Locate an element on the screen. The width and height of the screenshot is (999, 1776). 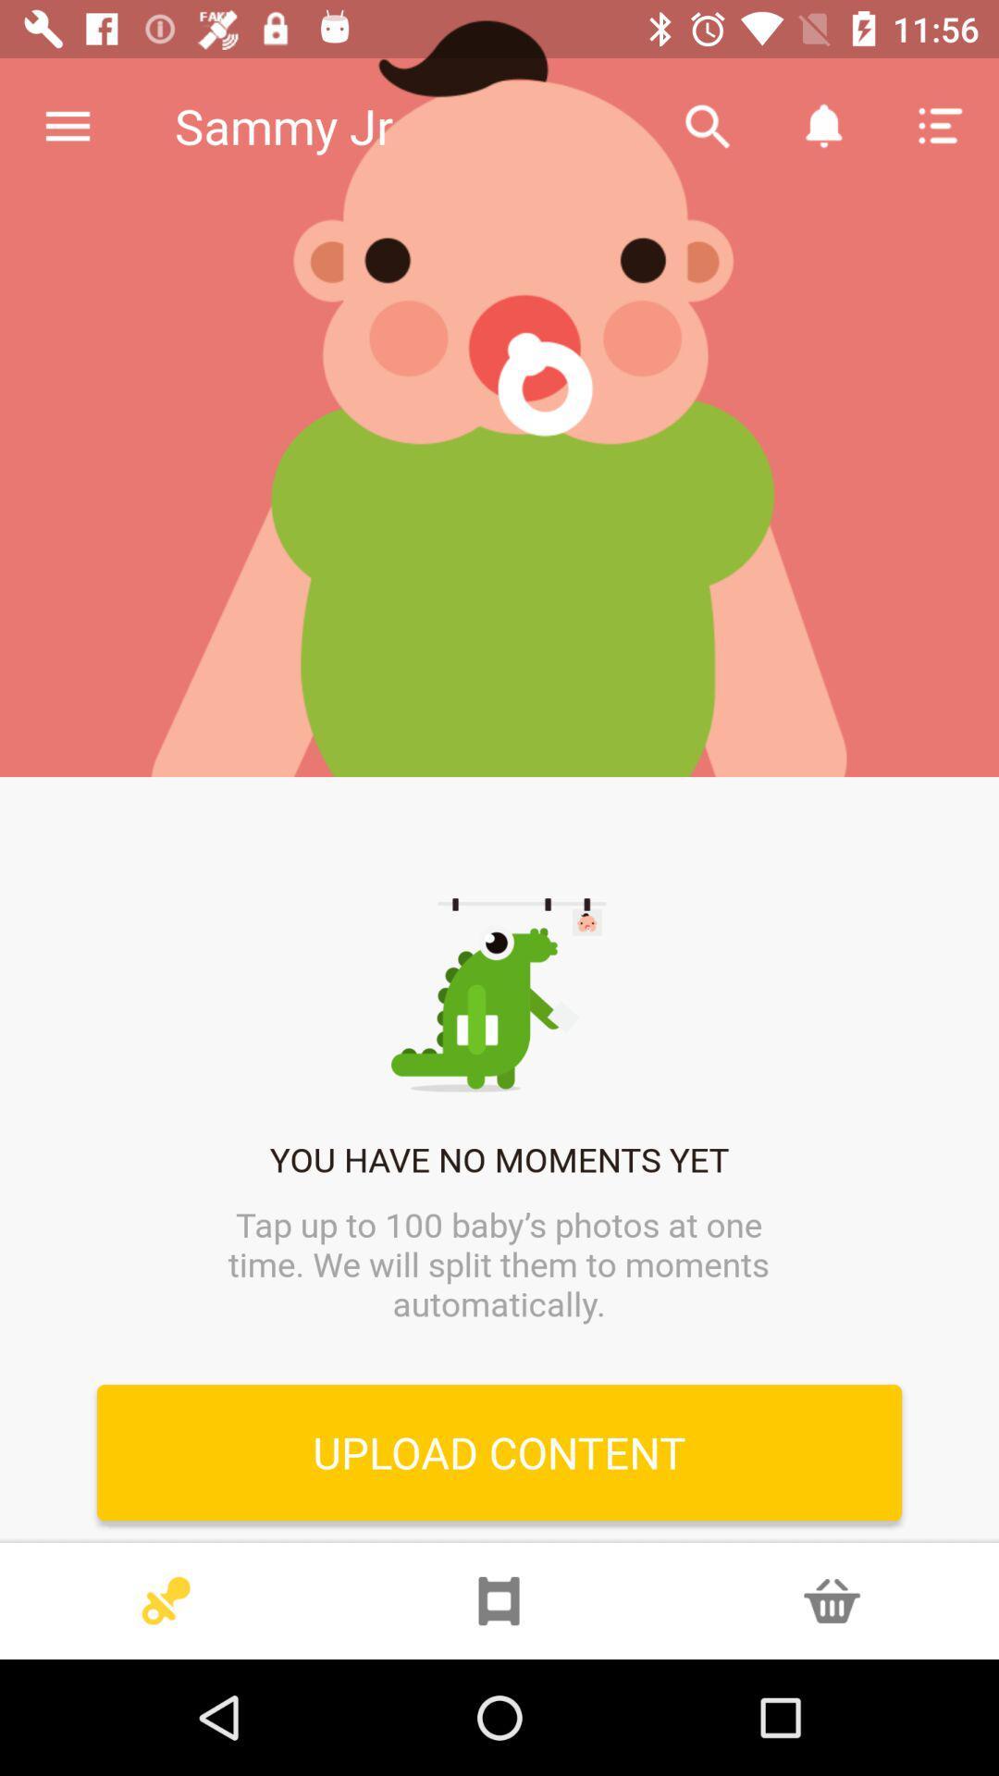
the delete icon is located at coordinates (831, 1600).